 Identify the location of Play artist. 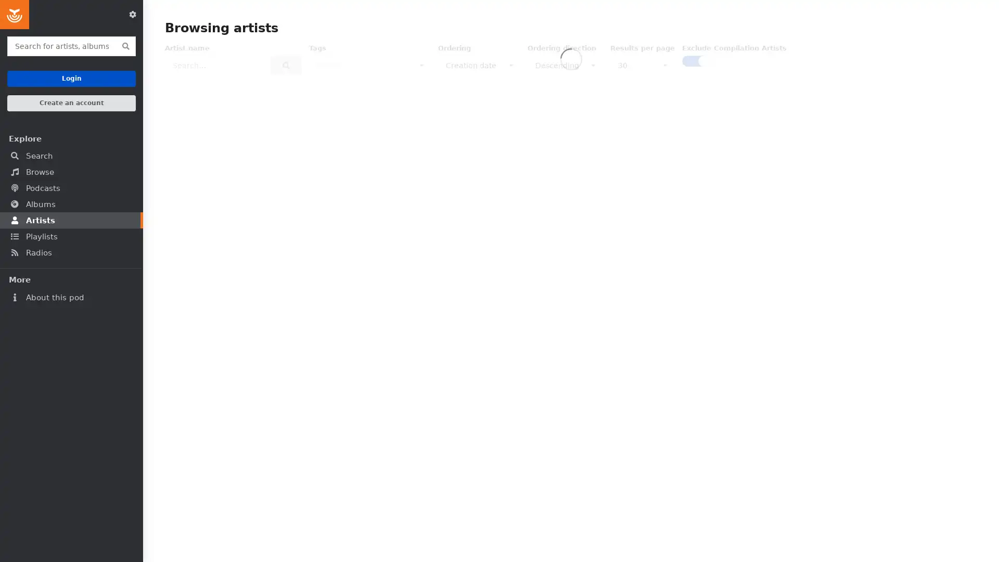
(816, 178).